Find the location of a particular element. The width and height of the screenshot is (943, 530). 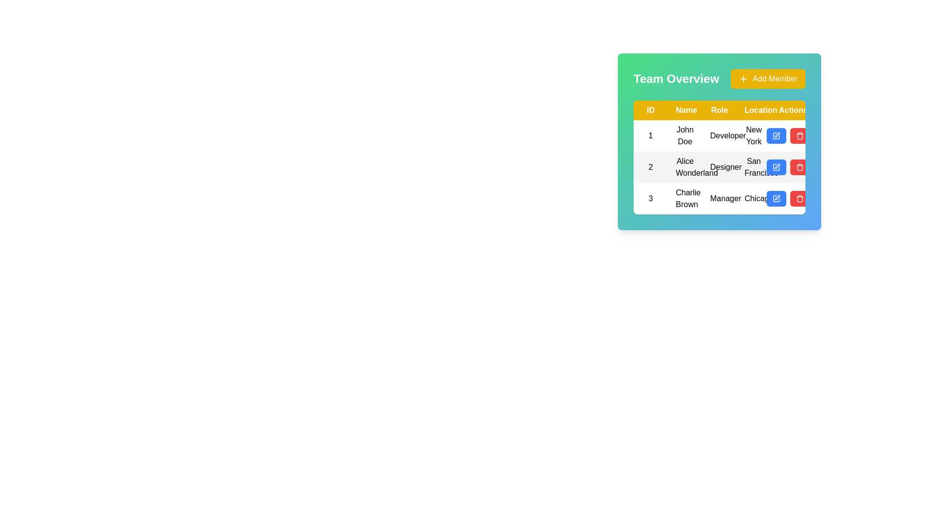

the delete icon button styled as a trash bin located in the 'Actions' column of the third row in the 'Team Overview' interface is located at coordinates (800, 136).